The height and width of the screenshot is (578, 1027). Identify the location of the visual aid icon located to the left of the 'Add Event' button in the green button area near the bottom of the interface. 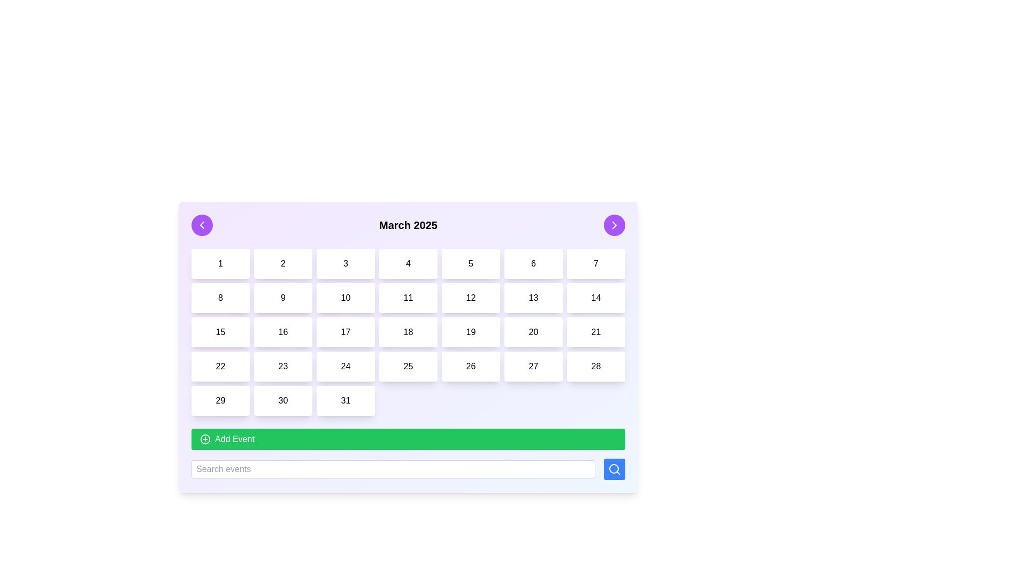
(205, 439).